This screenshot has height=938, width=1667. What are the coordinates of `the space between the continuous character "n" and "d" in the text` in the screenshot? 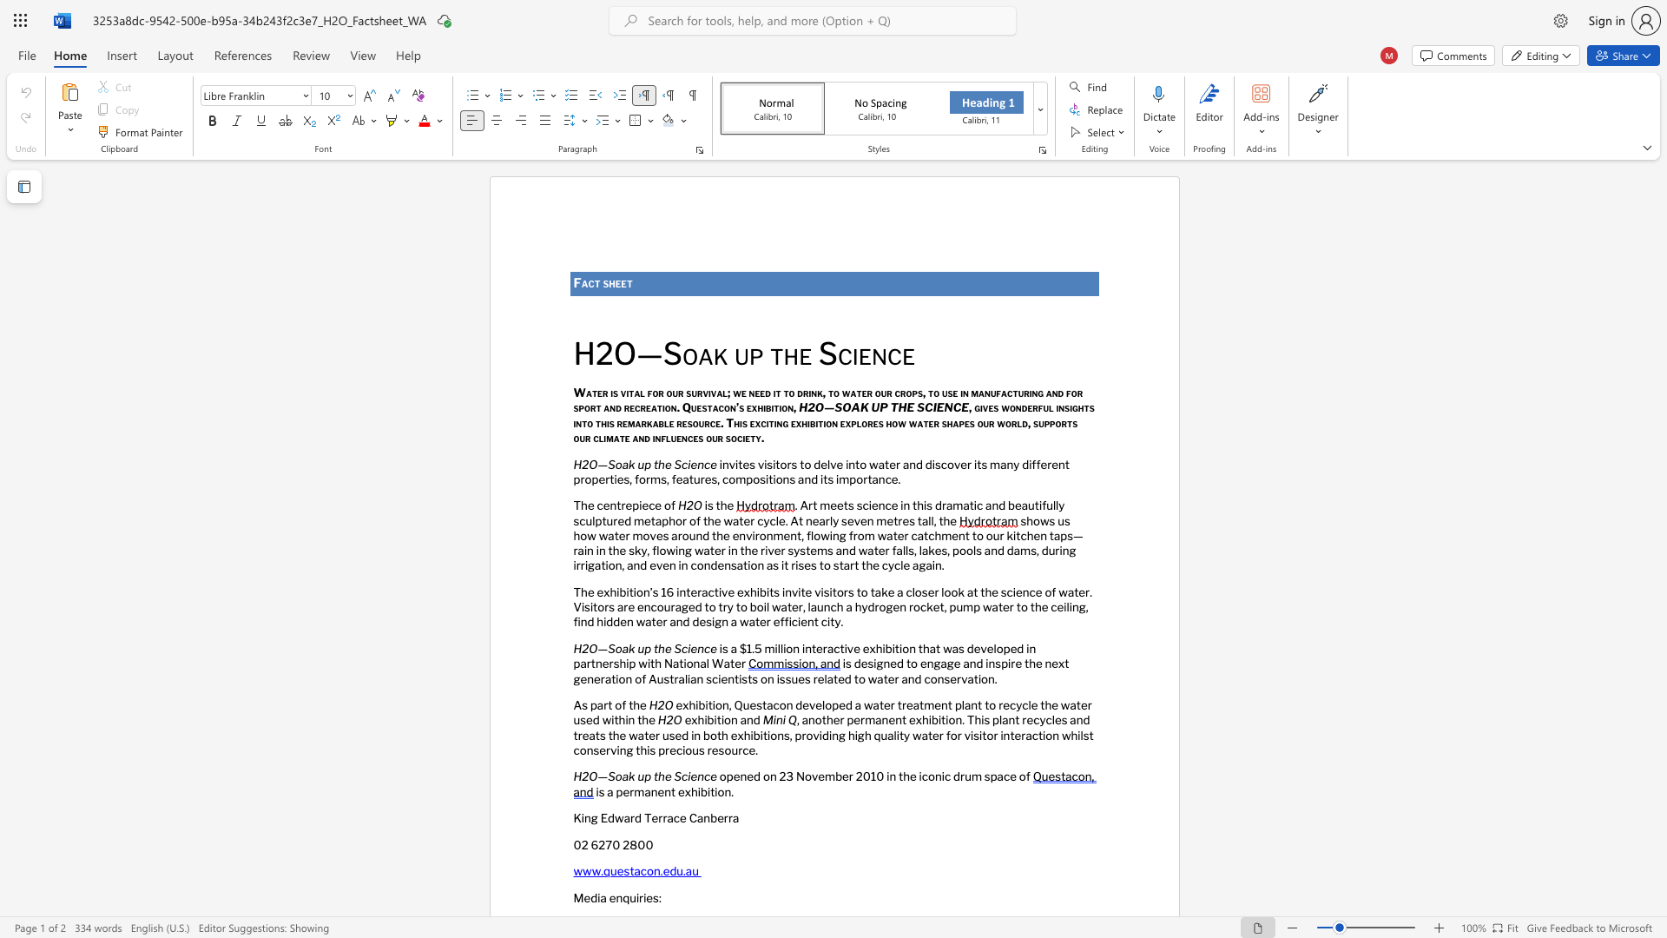 It's located at (753, 720).